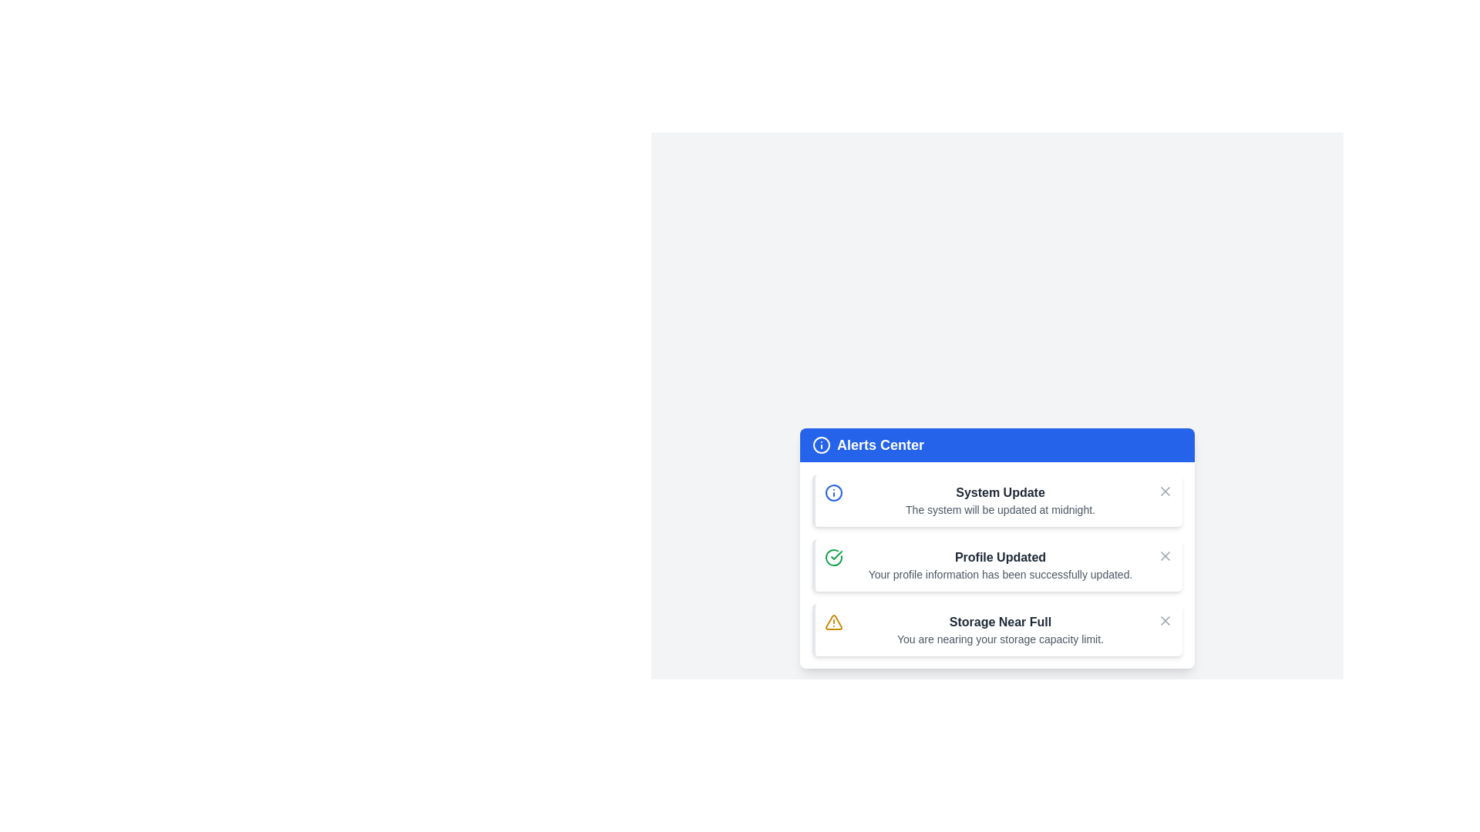 This screenshot has height=832, width=1480. I want to click on the green check mark icon in the second notification titled 'Profile Updated' within the 'Alerts Center' section, so click(836, 555).